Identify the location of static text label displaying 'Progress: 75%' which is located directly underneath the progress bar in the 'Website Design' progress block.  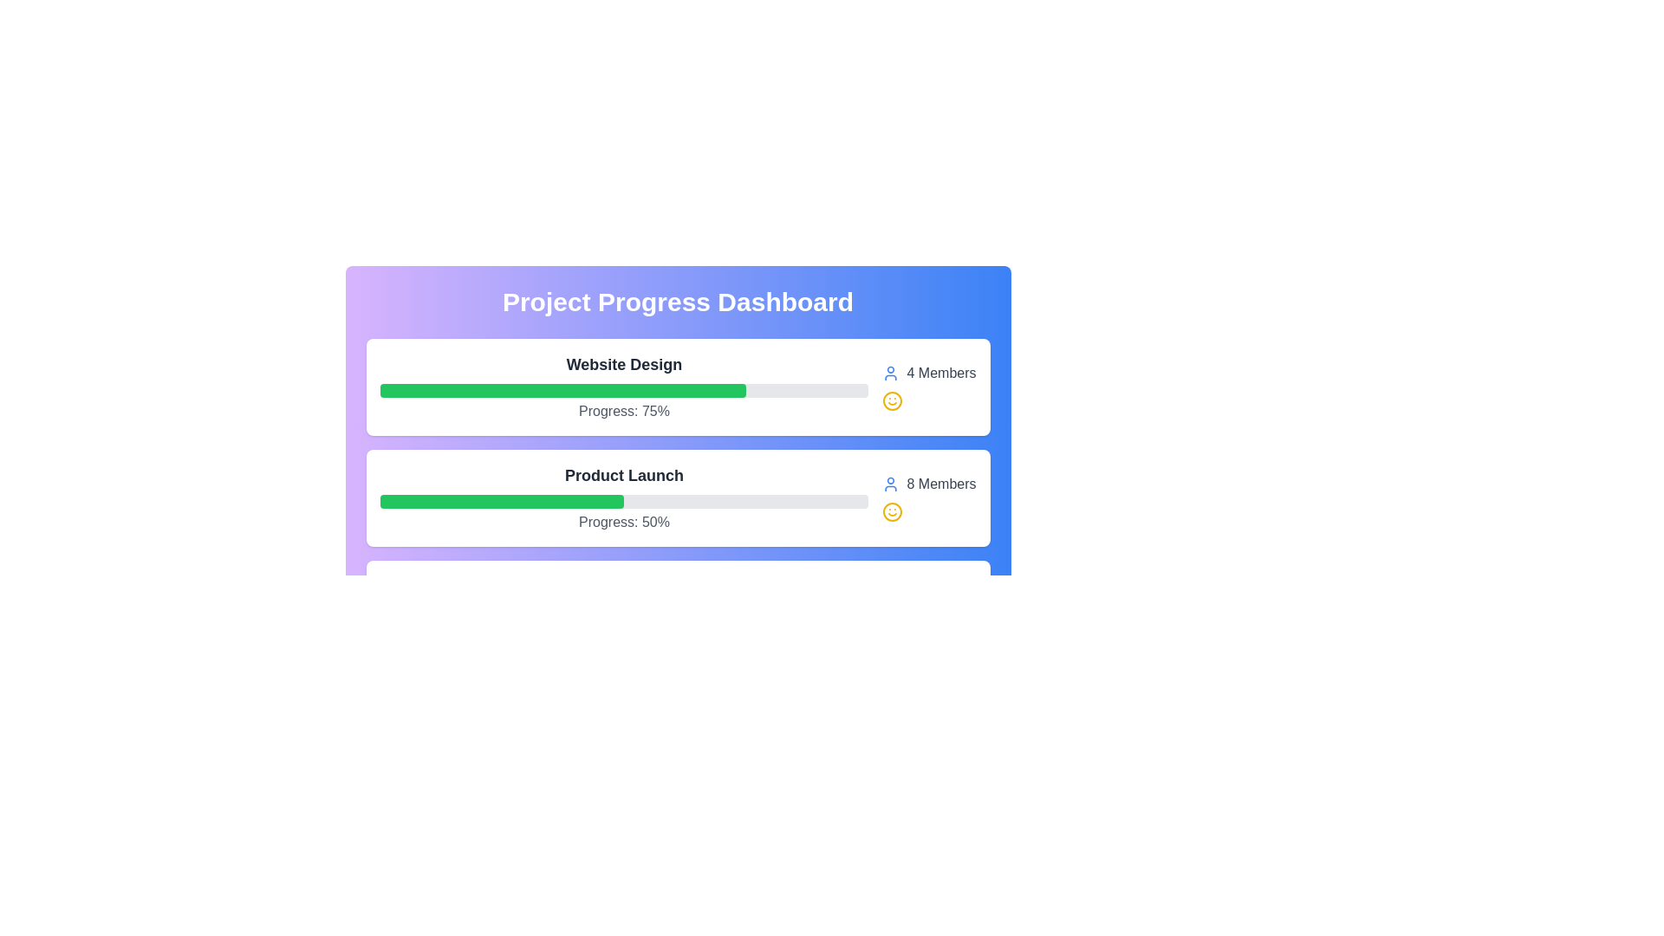
(624, 411).